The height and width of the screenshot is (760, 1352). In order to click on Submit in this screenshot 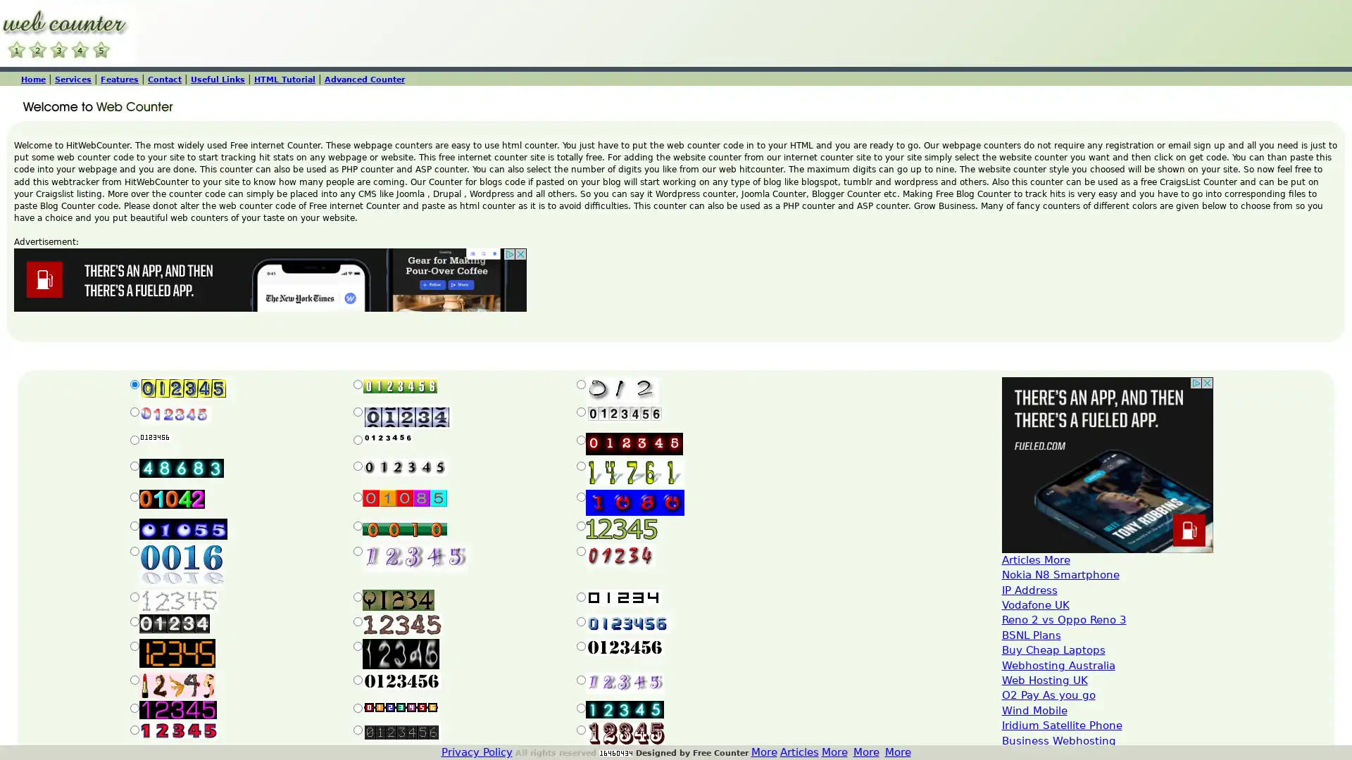, I will do `click(633, 444)`.